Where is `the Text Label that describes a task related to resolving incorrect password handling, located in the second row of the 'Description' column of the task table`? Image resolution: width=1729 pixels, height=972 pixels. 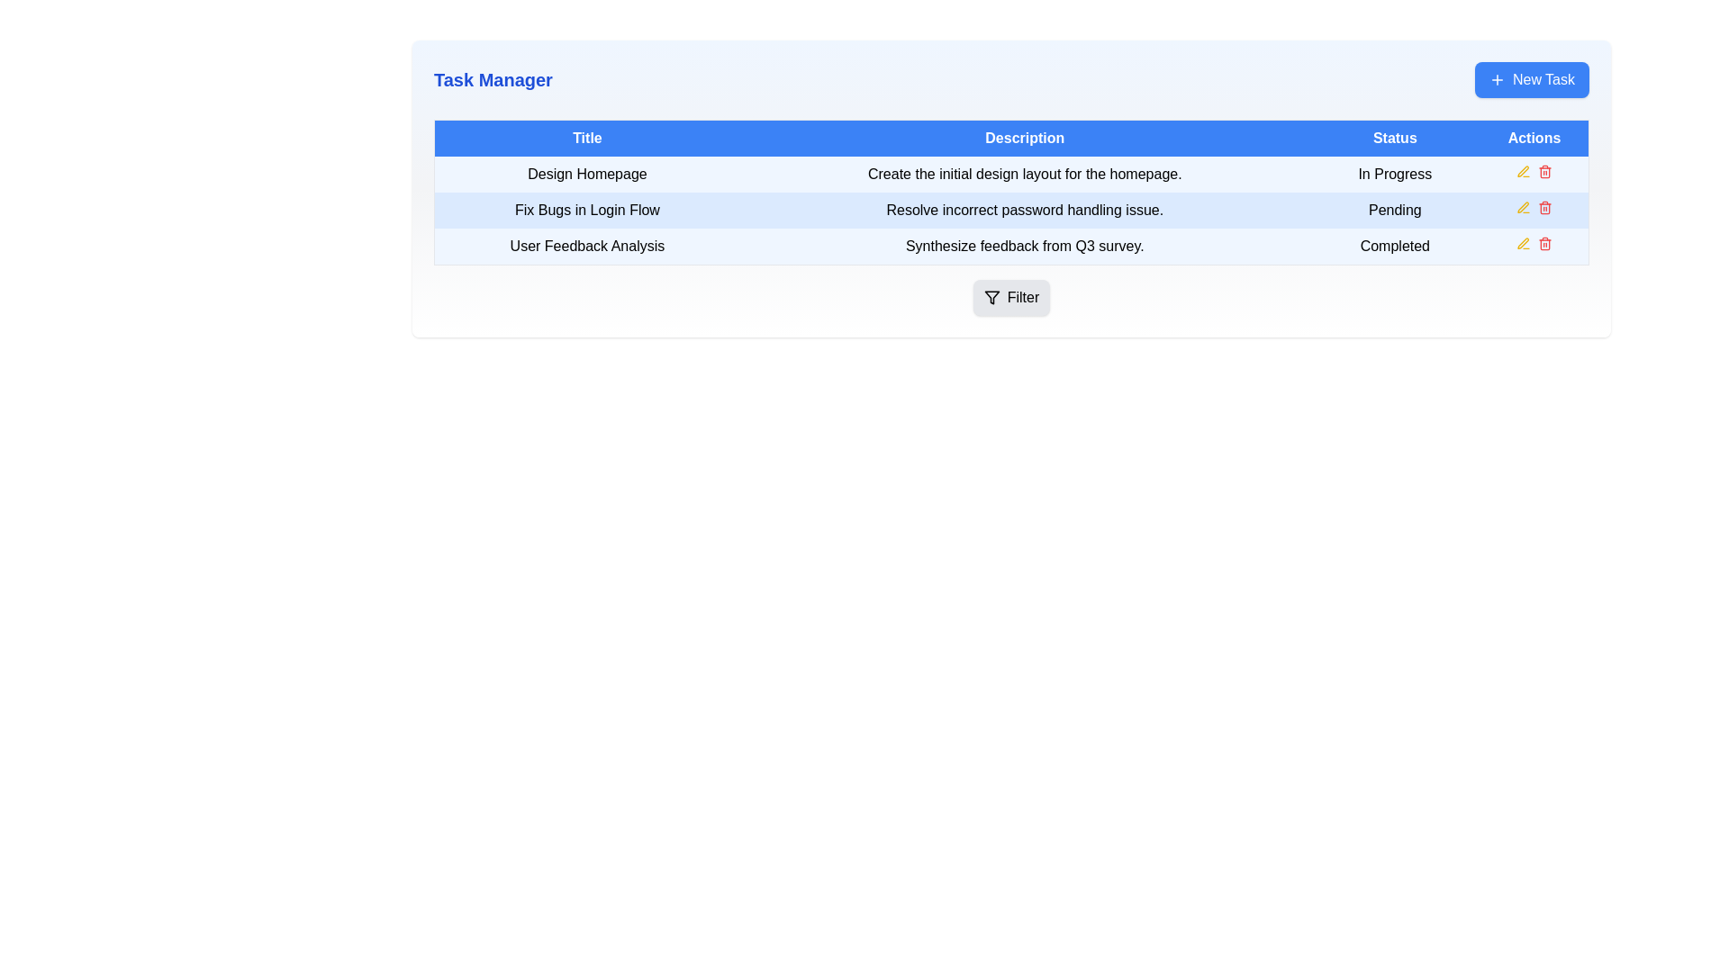
the Text Label that describes a task related to resolving incorrect password handling, located in the second row of the 'Description' column of the task table is located at coordinates (1025, 210).